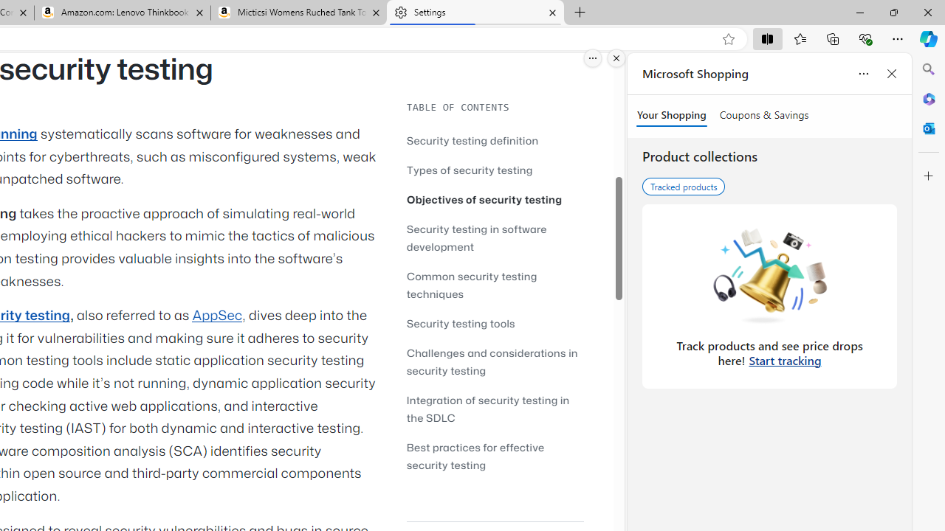 Image resolution: width=945 pixels, height=531 pixels. What do you see at coordinates (495, 361) in the screenshot?
I see `'Challenges and considerations in security testing'` at bounding box center [495, 361].